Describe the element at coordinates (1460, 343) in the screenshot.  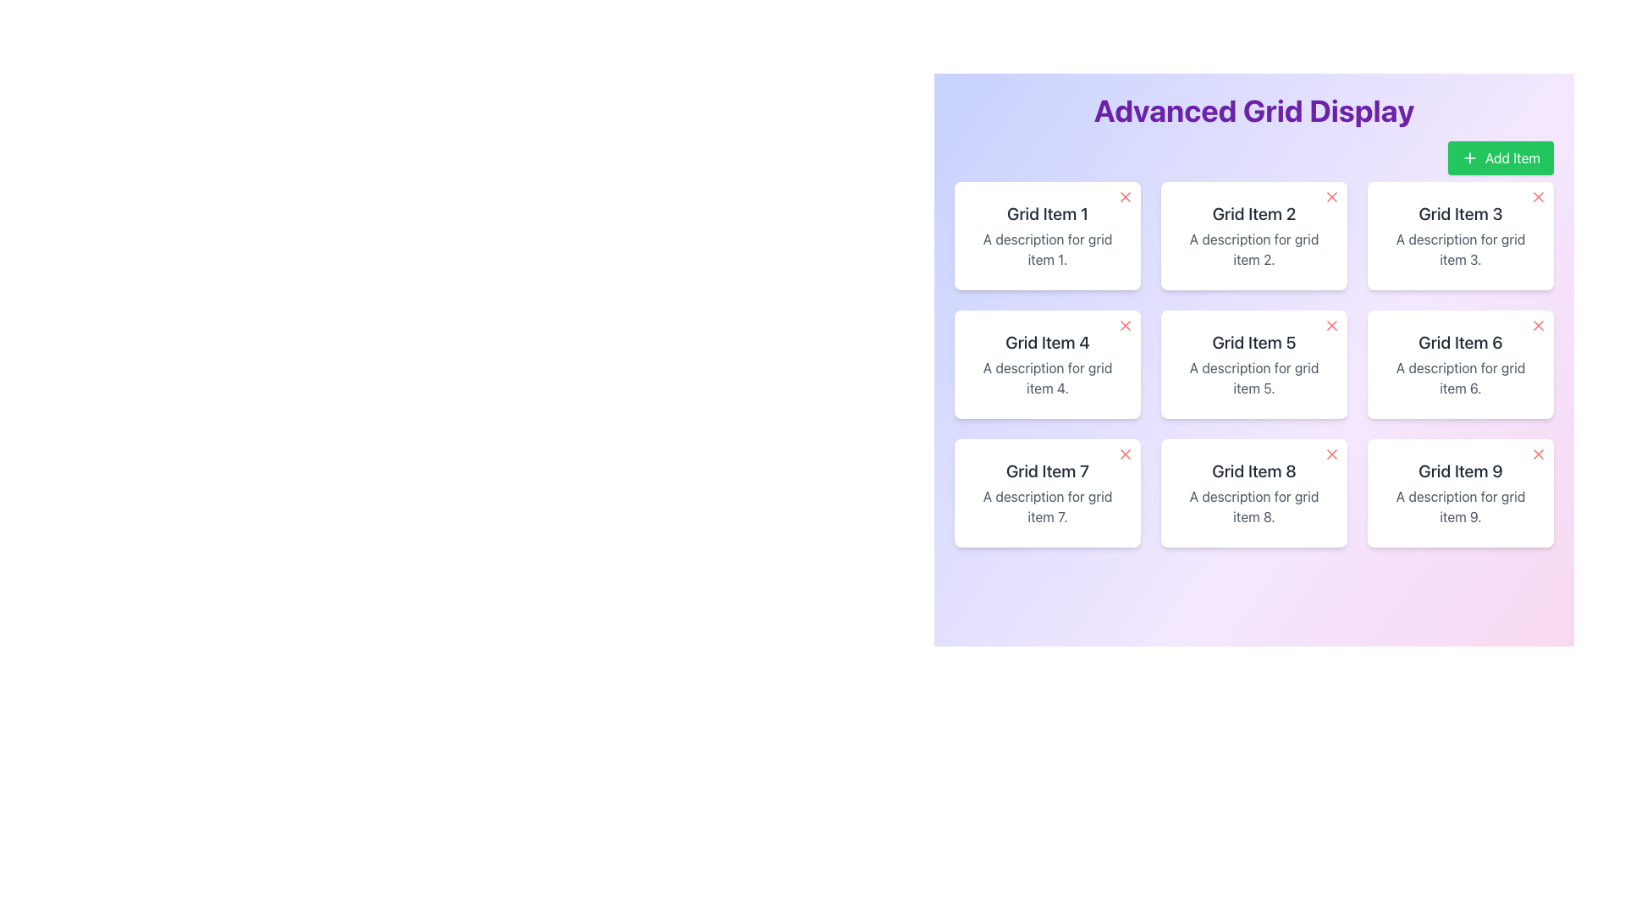
I see `the text label 'Grid Item 6' which is prominently displayed in bold at the center of the sixth card in the first row of the grid layout` at that location.